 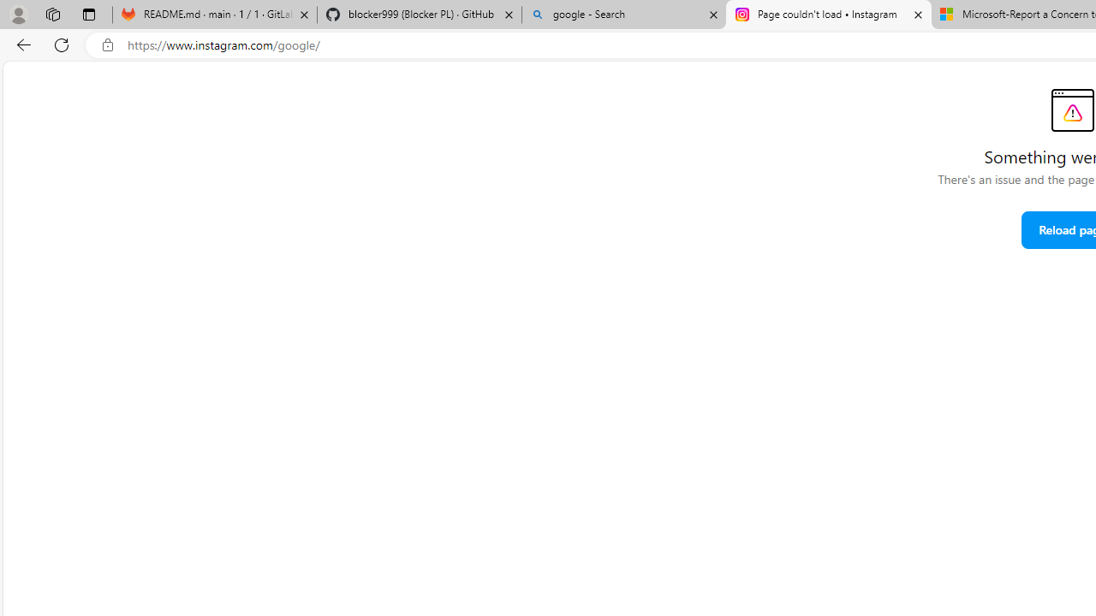 What do you see at coordinates (623, 15) in the screenshot?
I see `'google - Search'` at bounding box center [623, 15].